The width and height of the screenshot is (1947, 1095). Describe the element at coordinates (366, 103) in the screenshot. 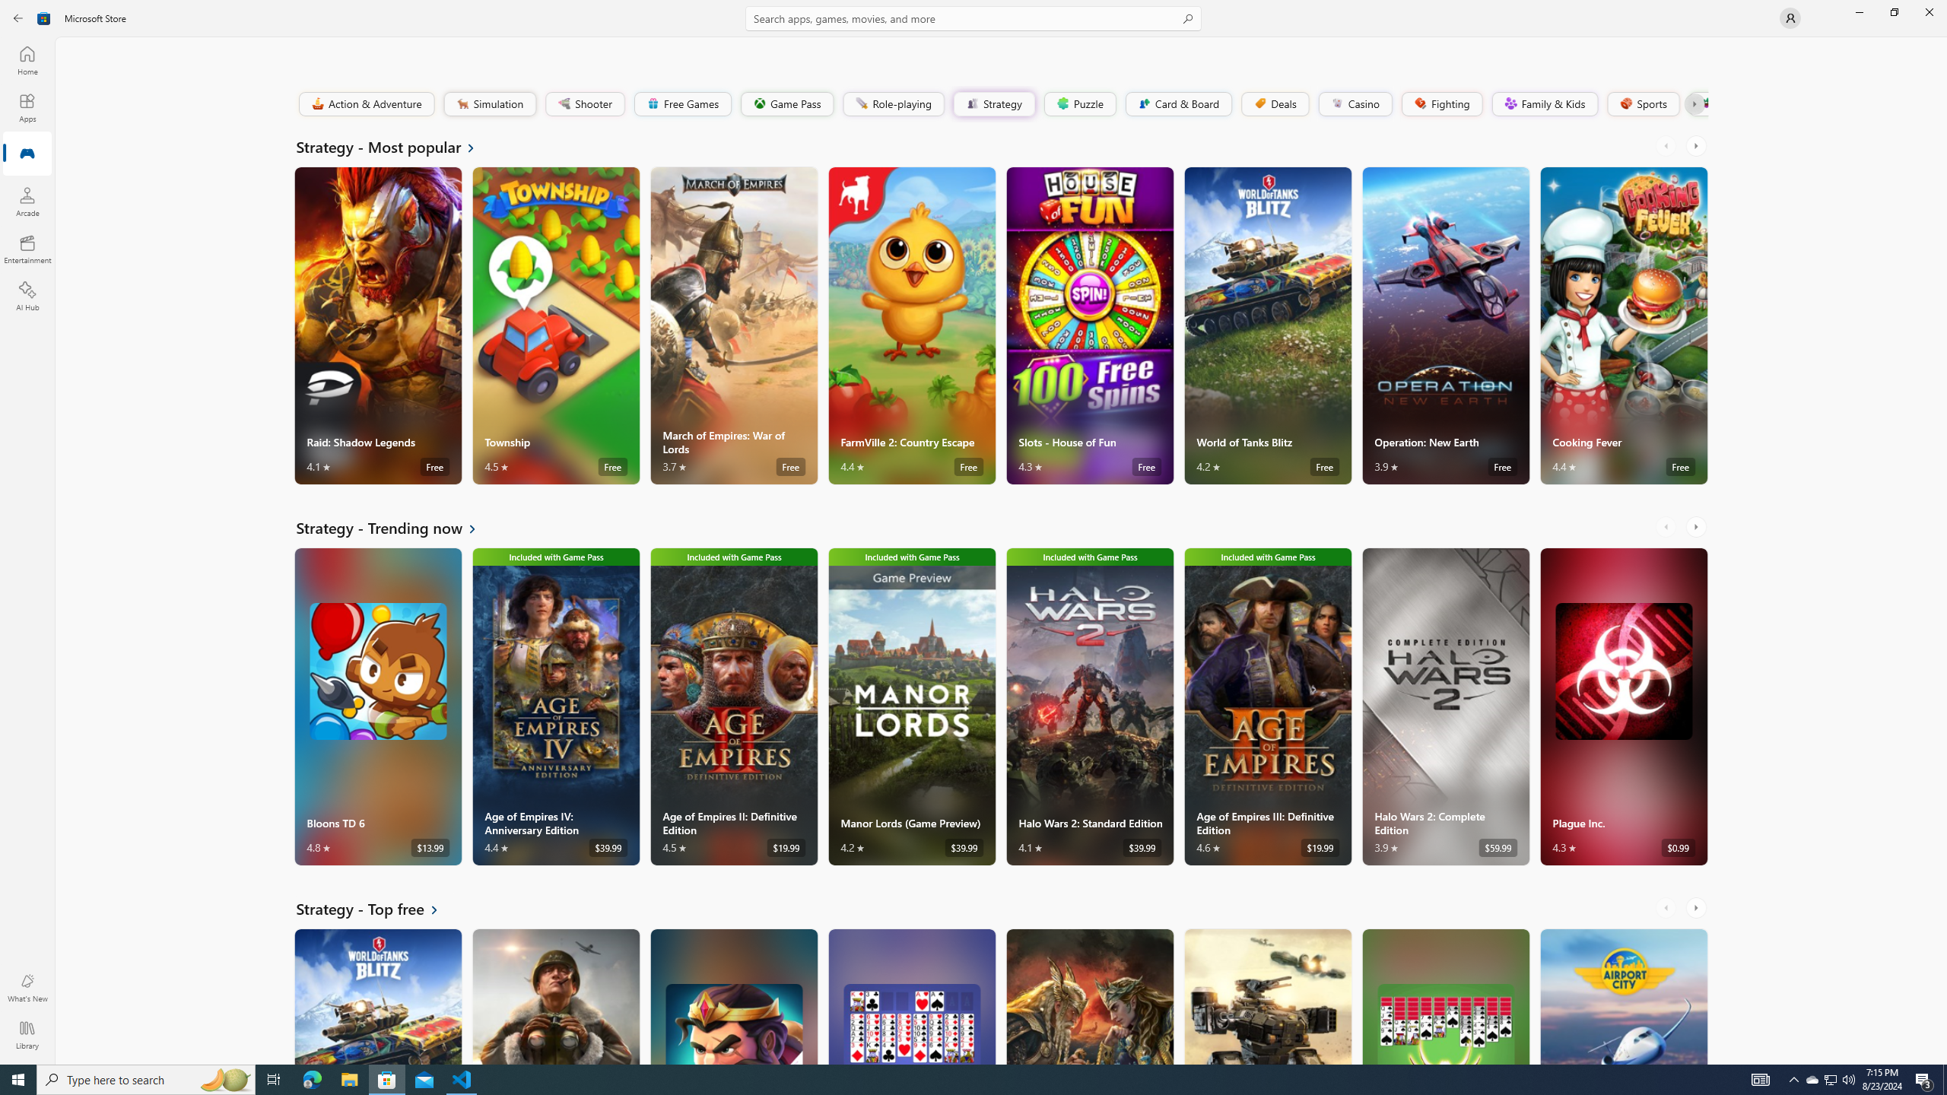

I see `'Action & Adventure'` at that location.